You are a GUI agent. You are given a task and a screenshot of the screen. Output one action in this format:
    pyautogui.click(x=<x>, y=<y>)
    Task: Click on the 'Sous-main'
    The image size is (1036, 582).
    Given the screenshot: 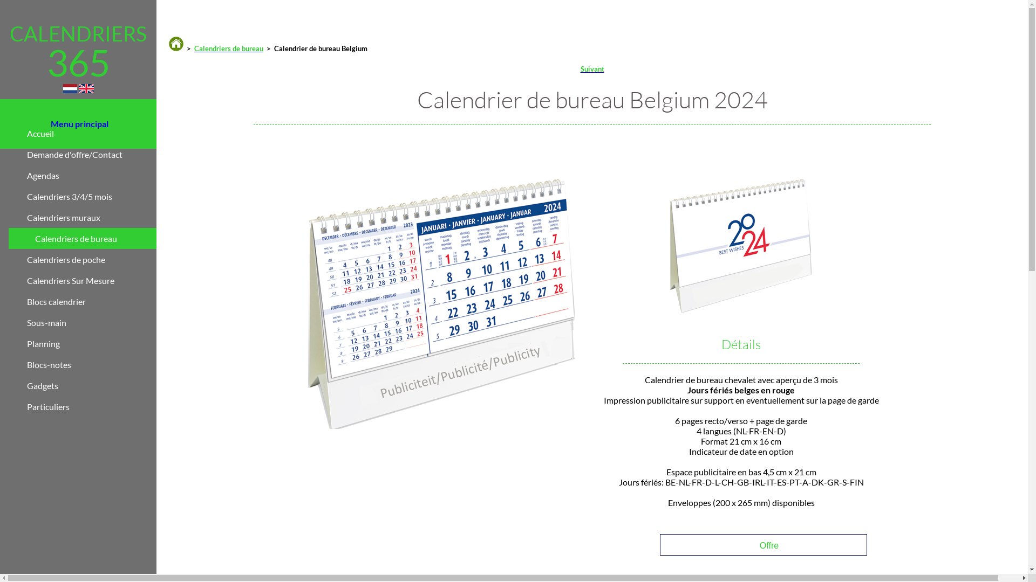 What is the action you would take?
    pyautogui.click(x=91, y=322)
    